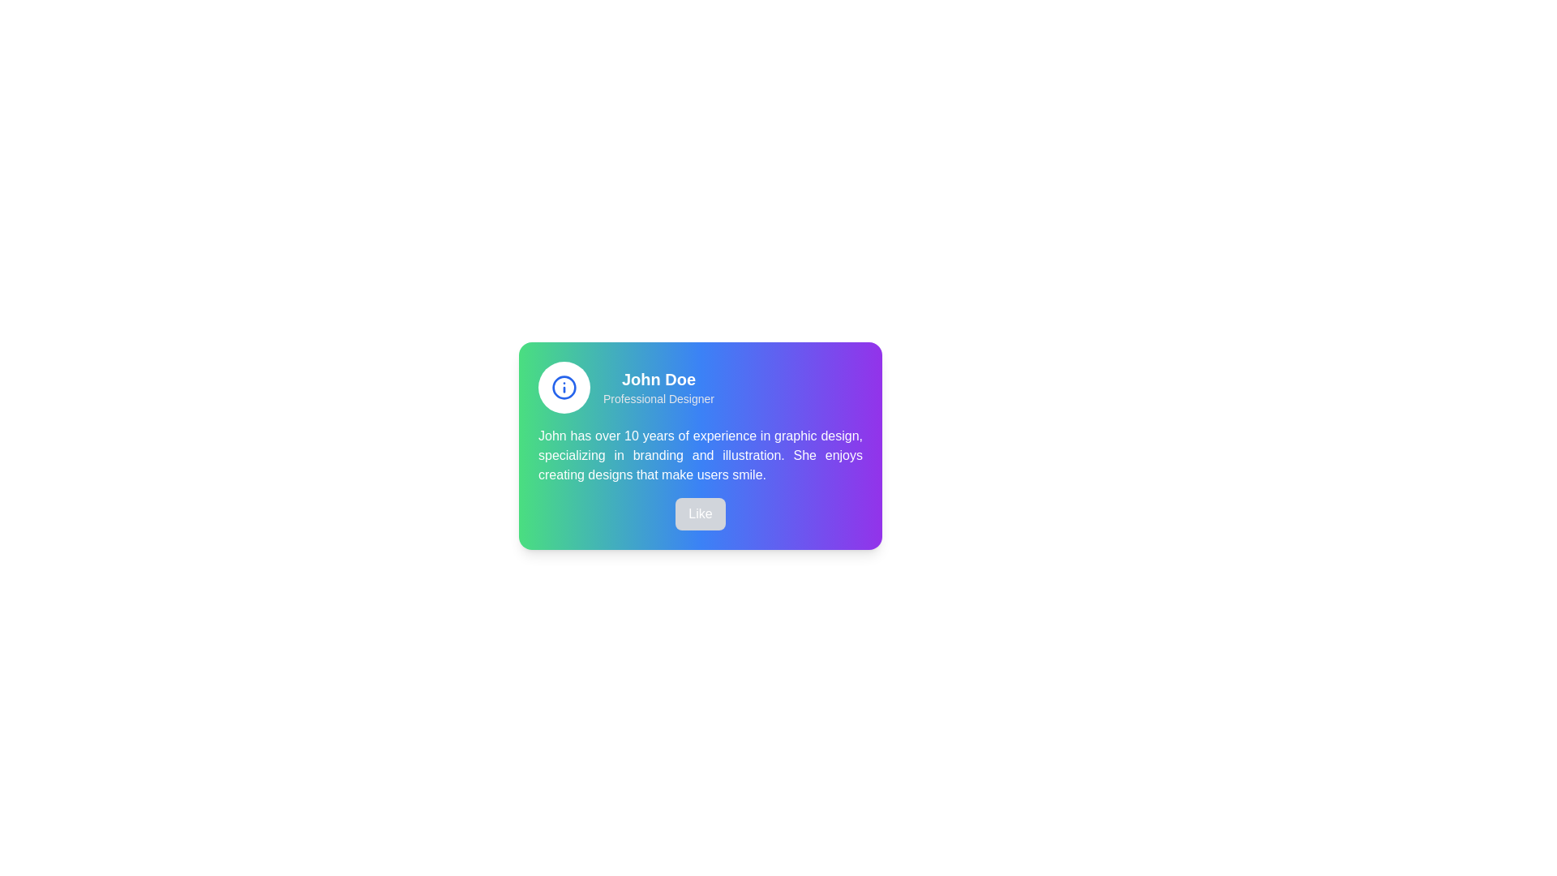 The image size is (1557, 876). What do you see at coordinates (701, 513) in the screenshot?
I see `the 'Like' button with rounded corners, styled in light gray with white text, located at the bottom center of a card layout about designer John Doe` at bounding box center [701, 513].